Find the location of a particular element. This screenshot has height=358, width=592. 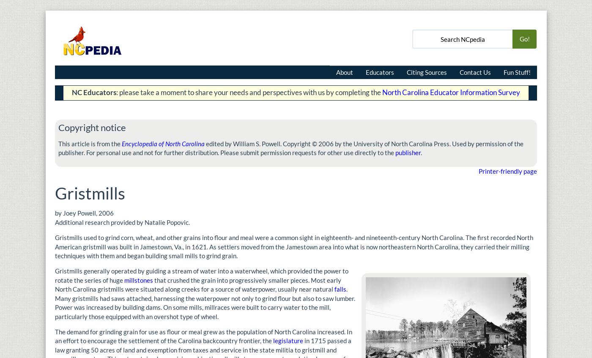

'The demand for grinding grain for use as flour or meal grew as the population of North Carolina increased. In an effort to encourage the settlement of the Carolina backcountry frontier, the' is located at coordinates (203, 336).